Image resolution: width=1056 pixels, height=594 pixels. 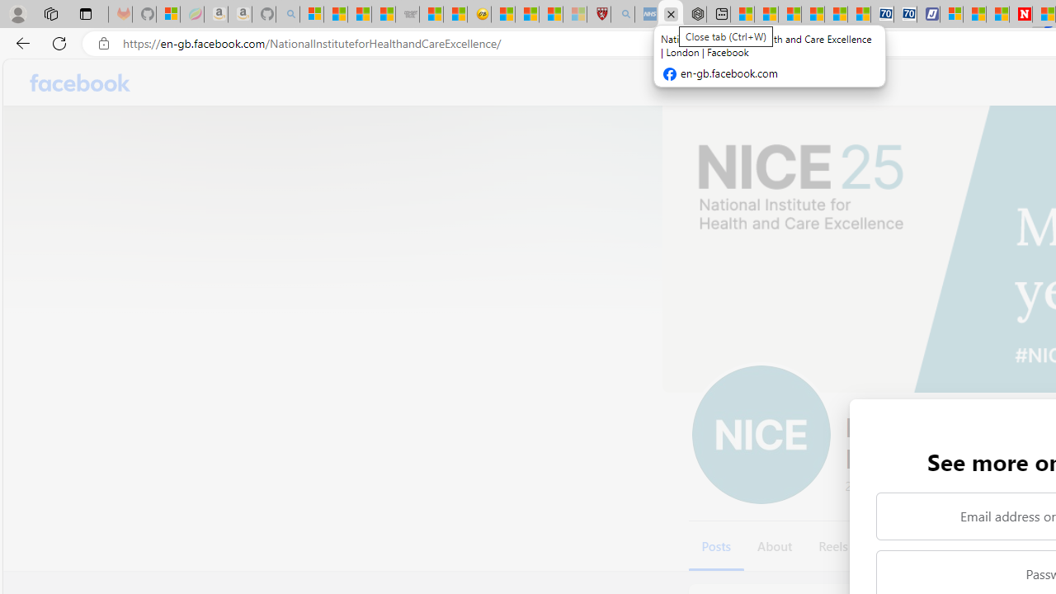 What do you see at coordinates (597, 14) in the screenshot?
I see `'Robert H. Shmerling, MD - Harvard Health'` at bounding box center [597, 14].